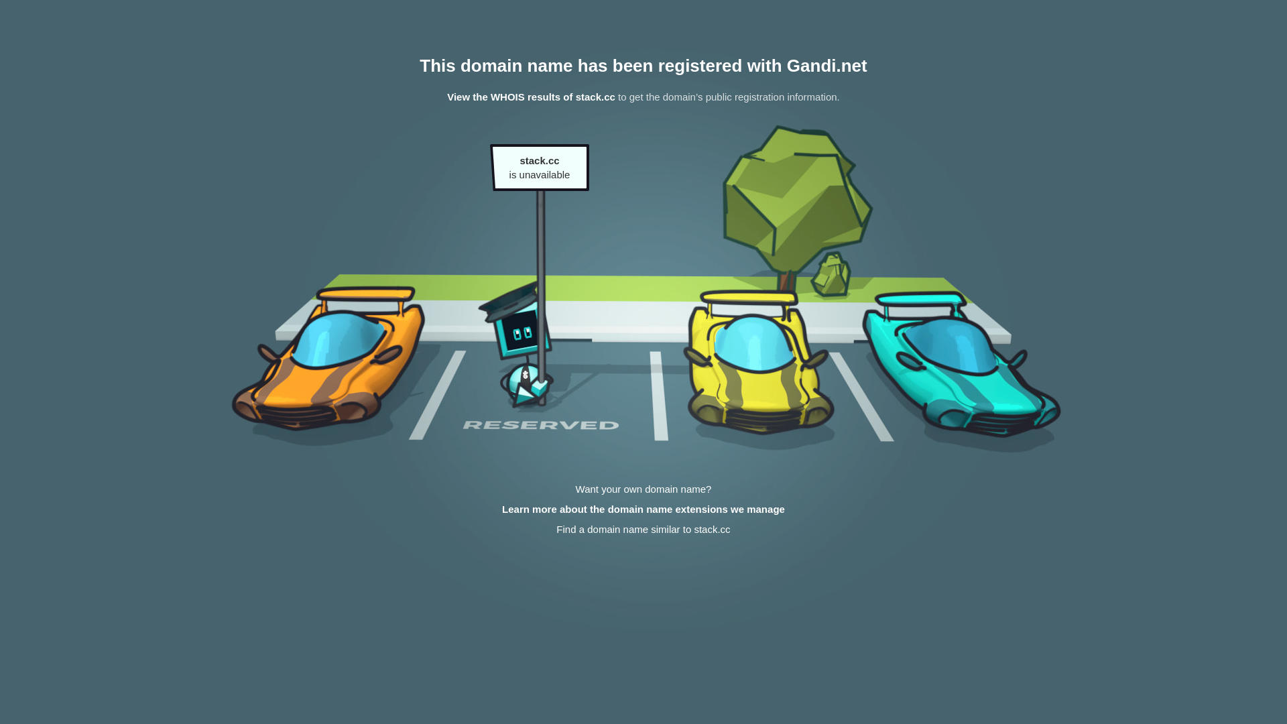 Image resolution: width=1287 pixels, height=724 pixels. Describe the element at coordinates (530, 96) in the screenshot. I see `'View the WHOIS results of stack.cc'` at that location.